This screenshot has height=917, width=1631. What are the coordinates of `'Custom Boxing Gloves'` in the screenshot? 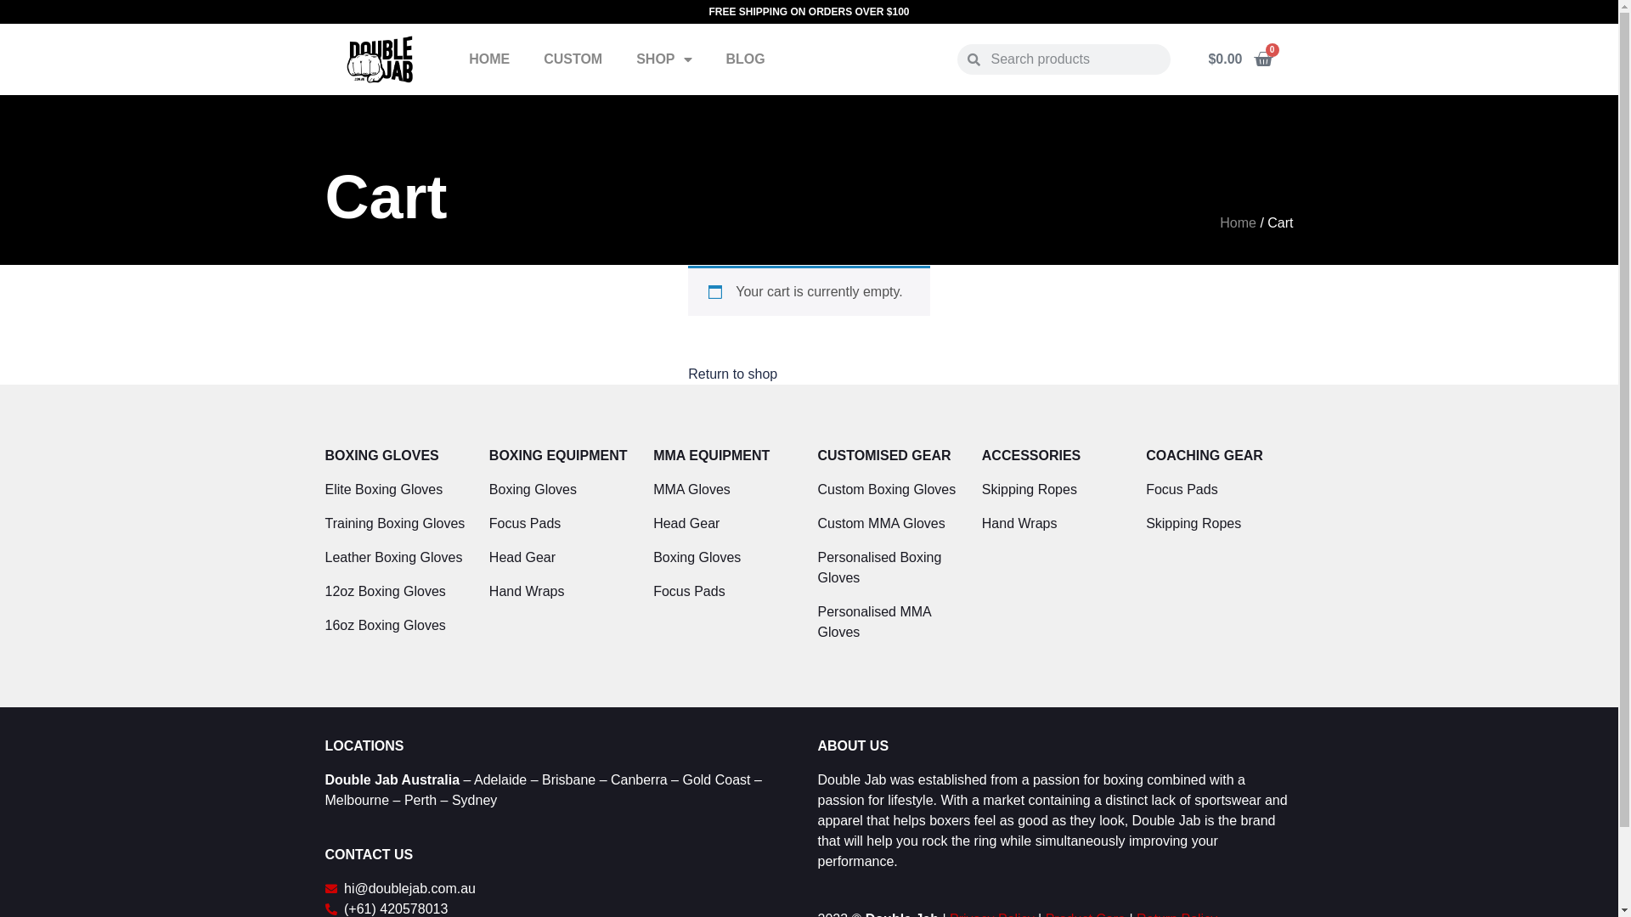 It's located at (889, 490).